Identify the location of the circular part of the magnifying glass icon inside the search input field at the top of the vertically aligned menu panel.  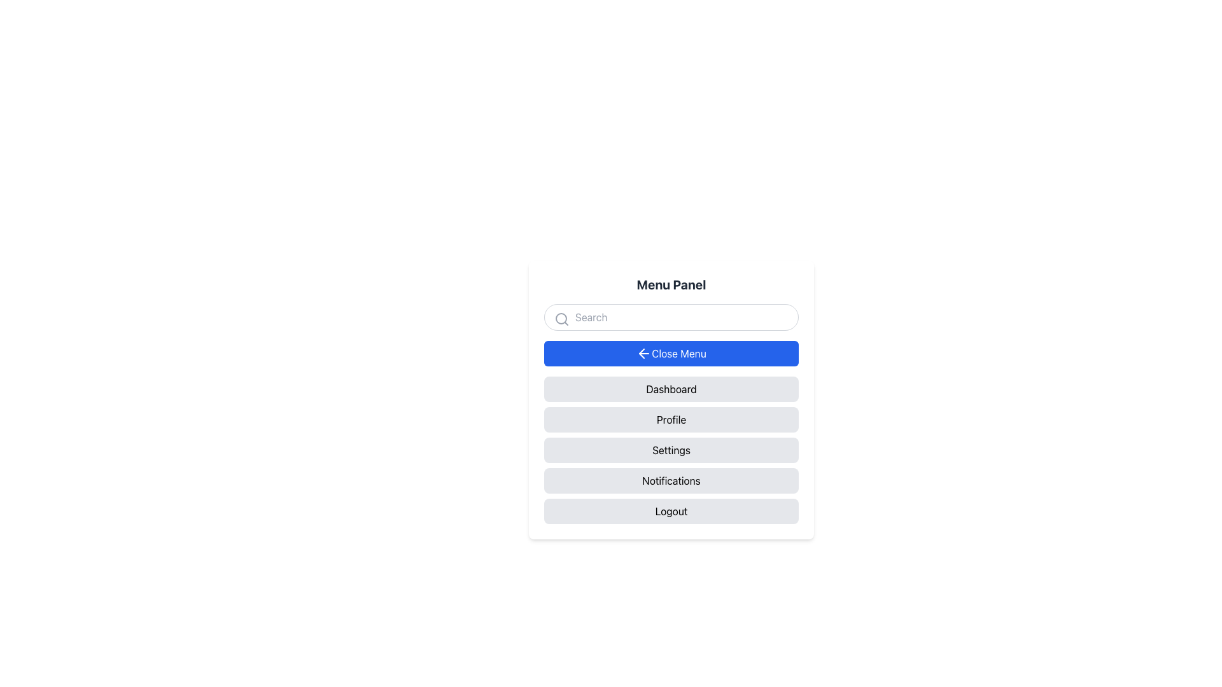
(561, 318).